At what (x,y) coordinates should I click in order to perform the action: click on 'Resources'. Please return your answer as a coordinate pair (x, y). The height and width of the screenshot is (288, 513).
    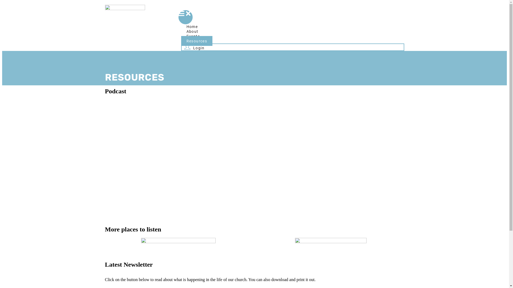
    Looking at the image, I should click on (197, 41).